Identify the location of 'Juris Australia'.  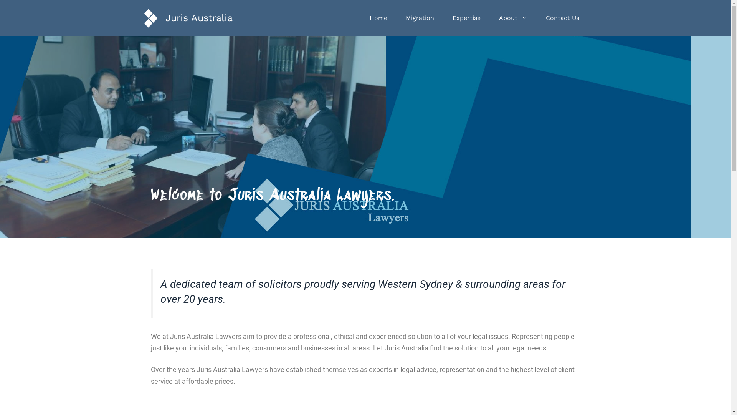
(150, 17).